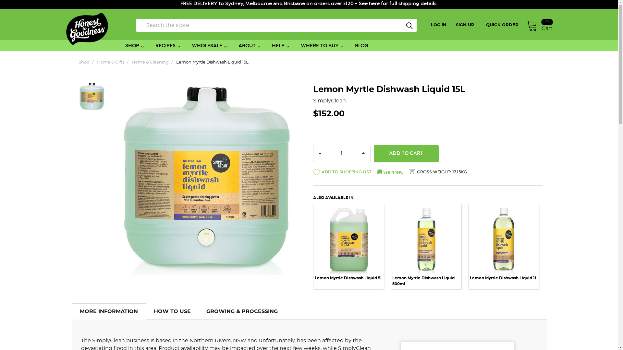 This screenshot has width=623, height=350. I want to click on 'INCREASE QUANTITY:, so click(363, 153).